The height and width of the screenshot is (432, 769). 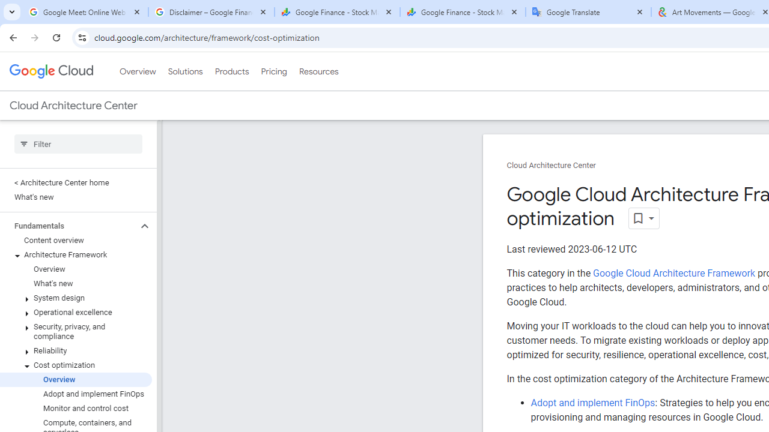 What do you see at coordinates (592, 403) in the screenshot?
I see `'Adopt and implement FinOps'` at bounding box center [592, 403].